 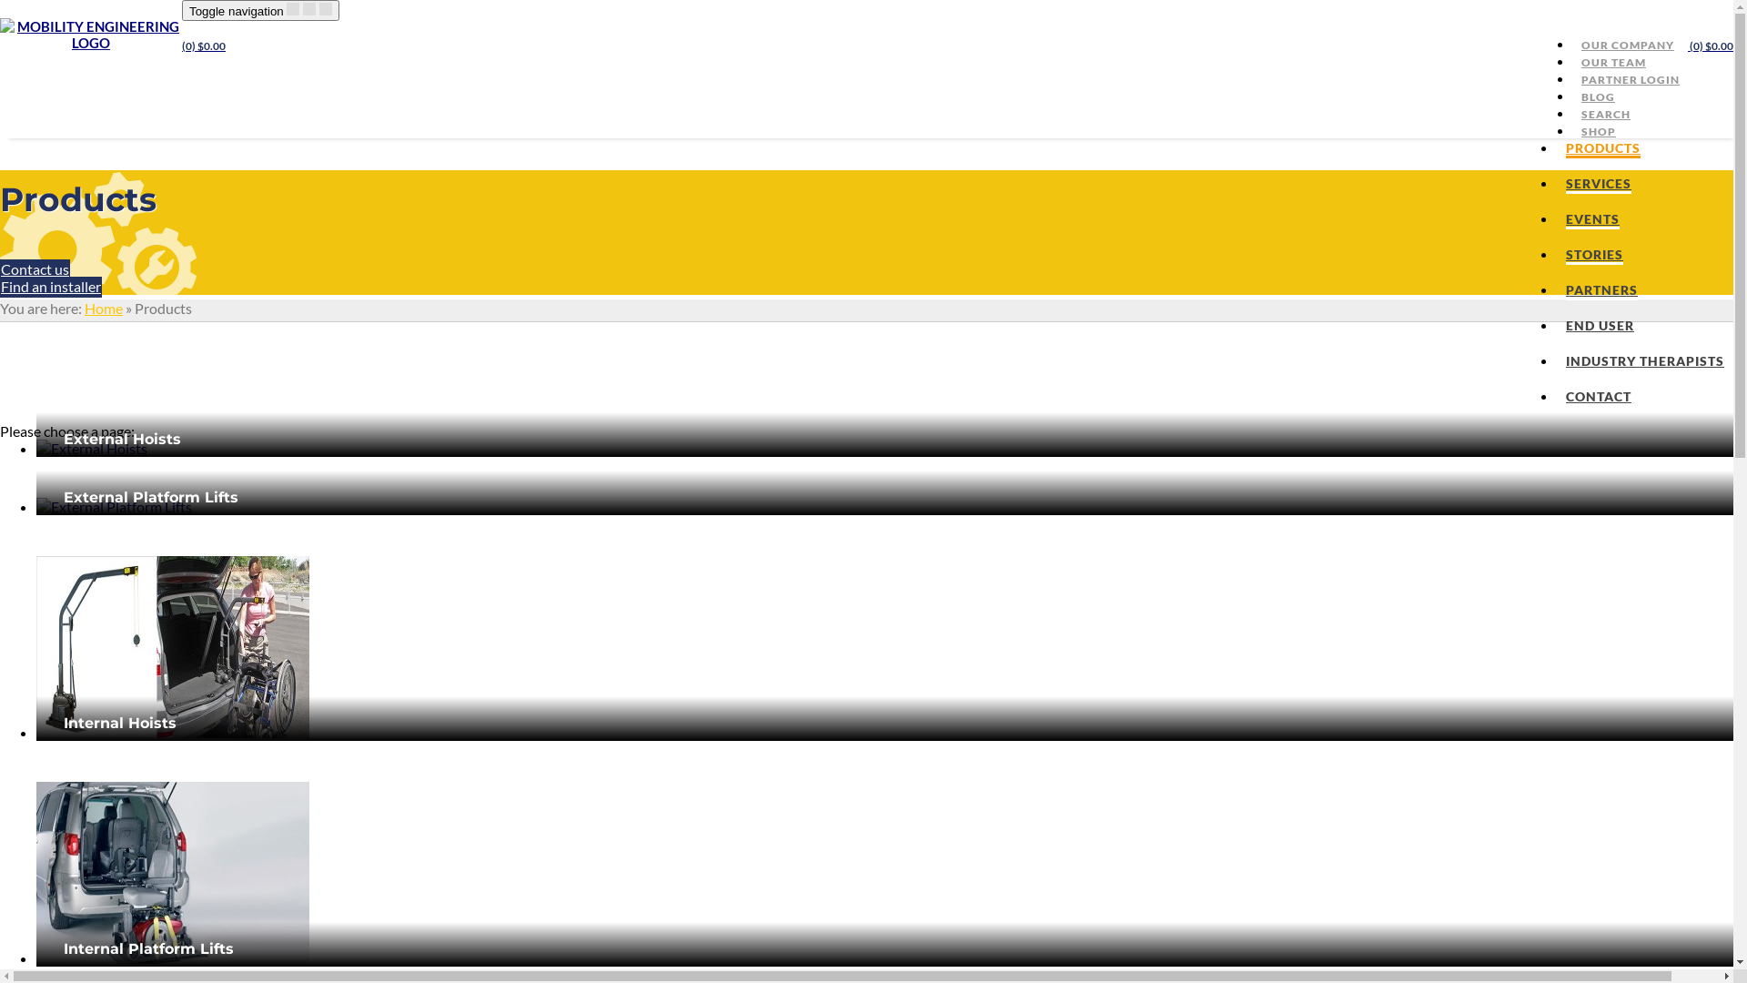 What do you see at coordinates (1602, 148) in the screenshot?
I see `'PRODUCTS'` at bounding box center [1602, 148].